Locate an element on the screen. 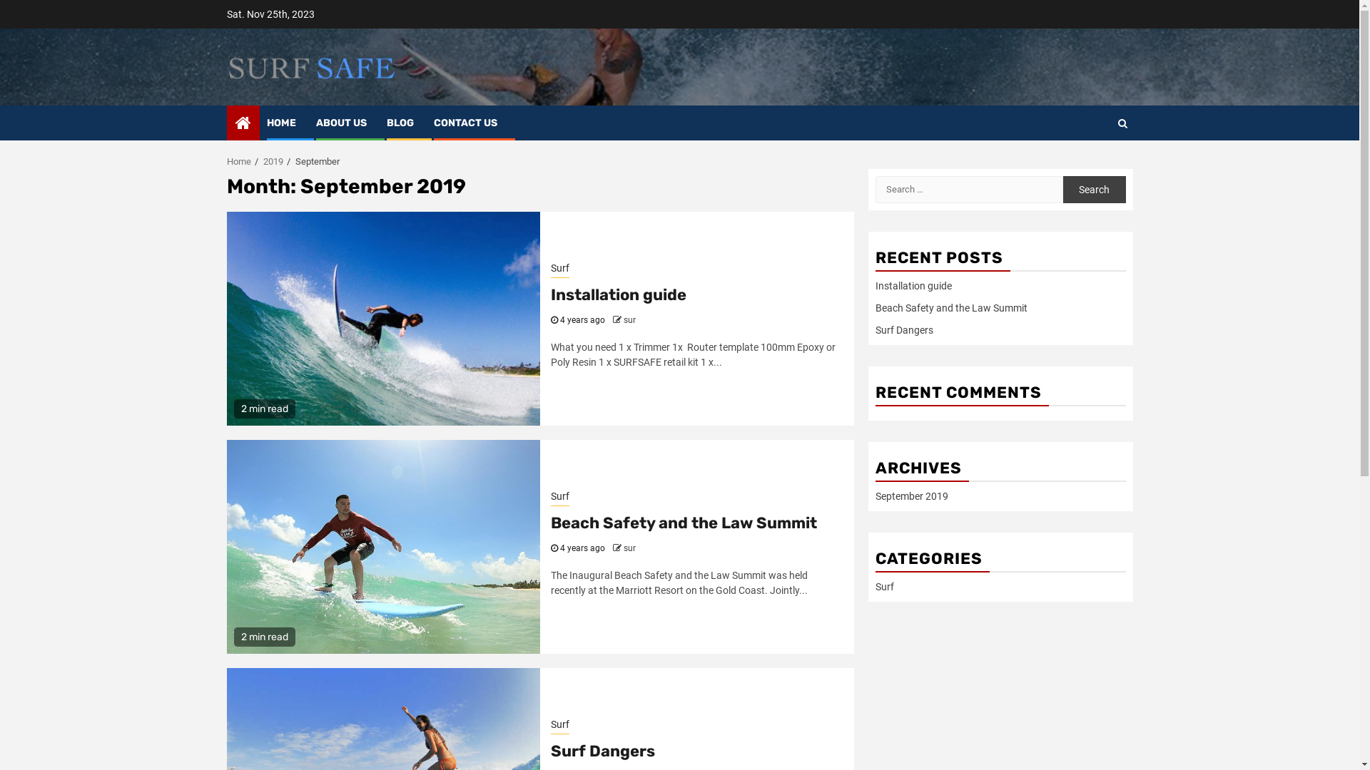 Image resolution: width=1370 pixels, height=770 pixels. 'Beach Safety and the Law Summit' is located at coordinates (950, 307).